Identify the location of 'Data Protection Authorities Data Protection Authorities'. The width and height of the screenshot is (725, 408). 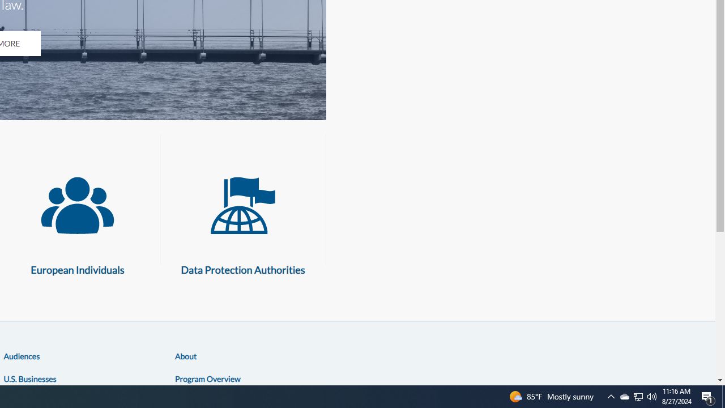
(242, 220).